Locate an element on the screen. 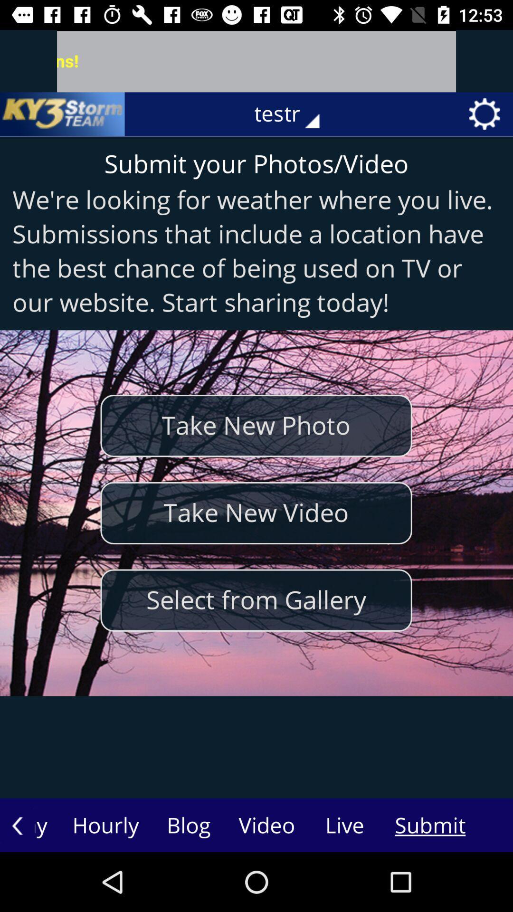  the icon next to the testr item is located at coordinates (62, 114).